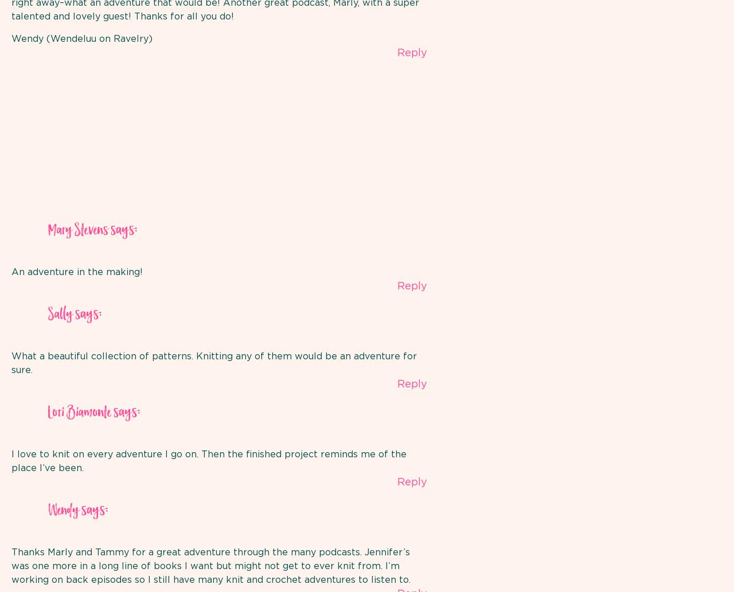 The width and height of the screenshot is (734, 592). Describe the element at coordinates (63, 510) in the screenshot. I see `'Wendy'` at that location.